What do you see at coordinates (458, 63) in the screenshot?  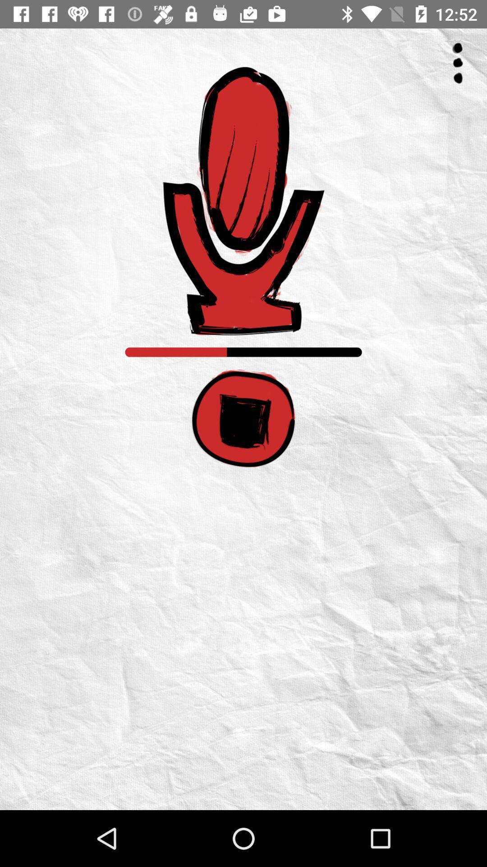 I see `the icon at the top right corner` at bounding box center [458, 63].